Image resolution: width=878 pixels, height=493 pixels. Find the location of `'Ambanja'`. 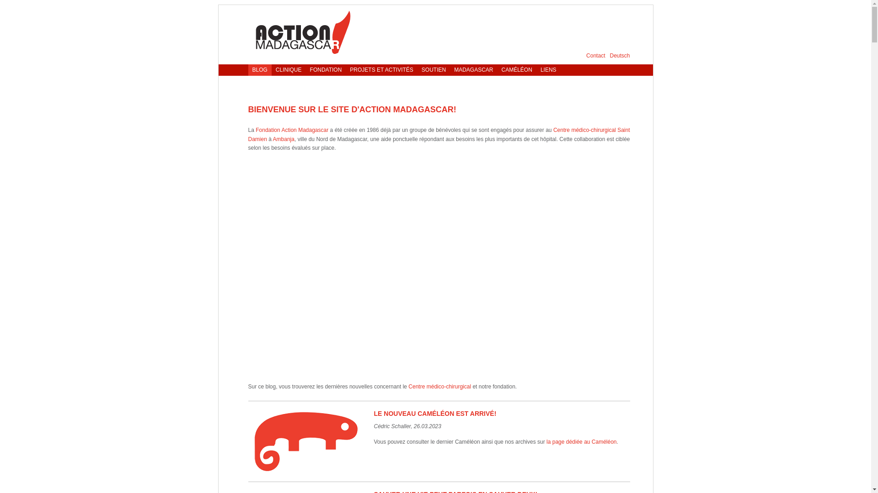

'Ambanja' is located at coordinates (272, 139).